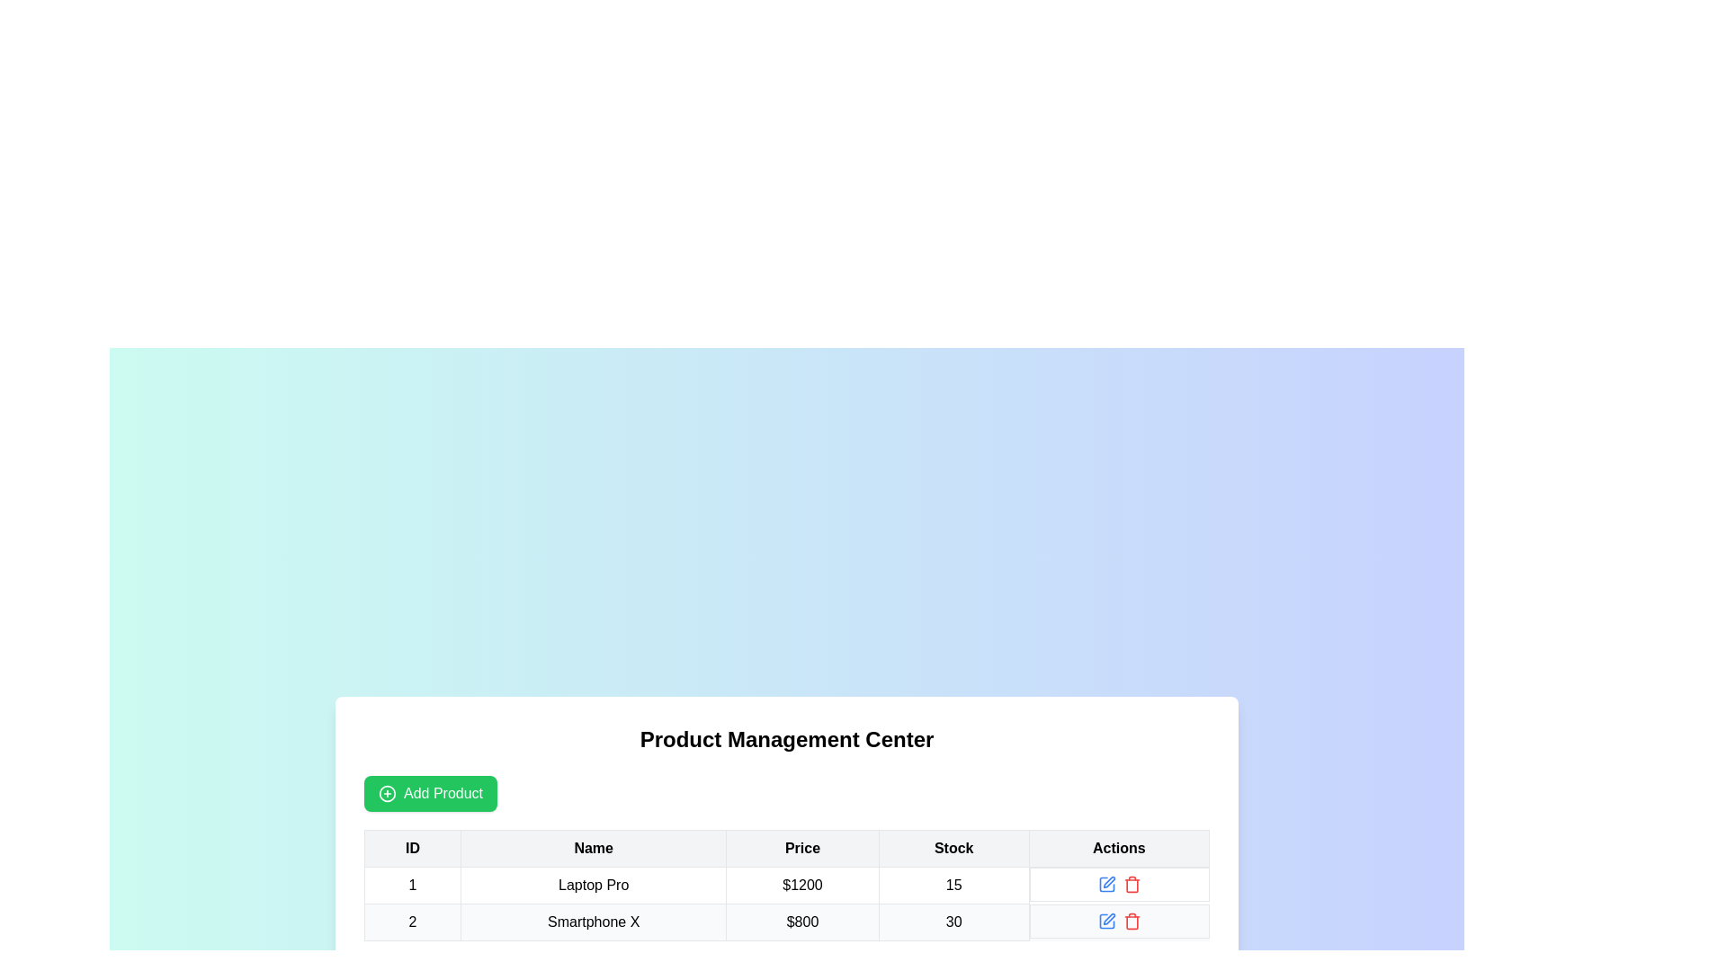  Describe the element at coordinates (1108, 919) in the screenshot. I see `the edit icon located in the 'Actions' column of the second row of the data table` at that location.